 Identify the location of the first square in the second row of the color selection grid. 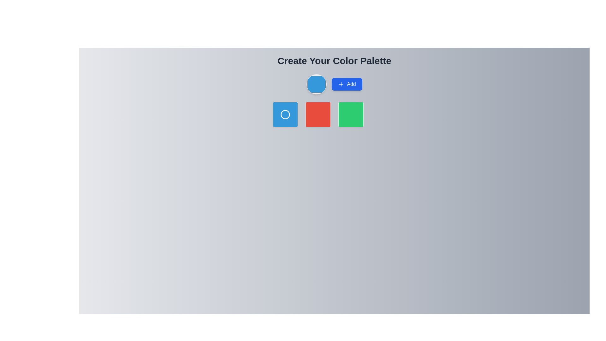
(285, 114).